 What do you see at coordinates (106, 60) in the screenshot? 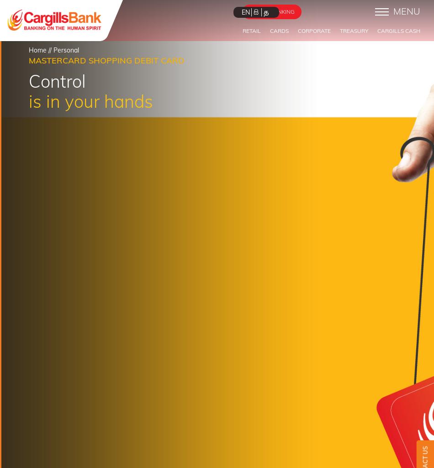
I see `'Mastercard Shopping Debit Card'` at bounding box center [106, 60].